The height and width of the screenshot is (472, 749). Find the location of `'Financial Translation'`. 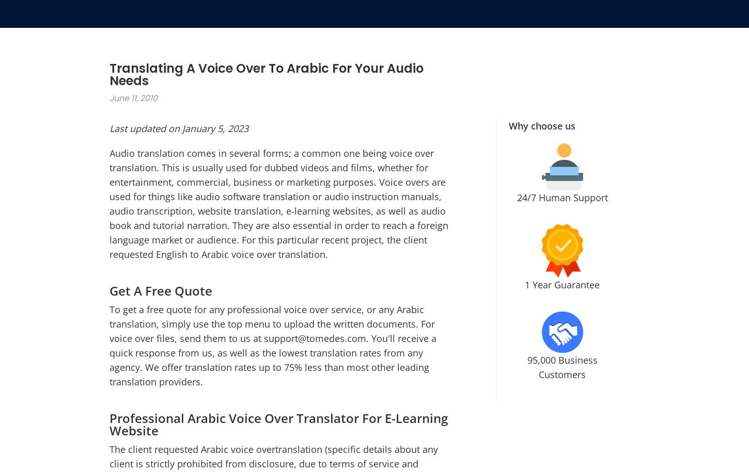

'Financial Translation' is located at coordinates (288, 246).